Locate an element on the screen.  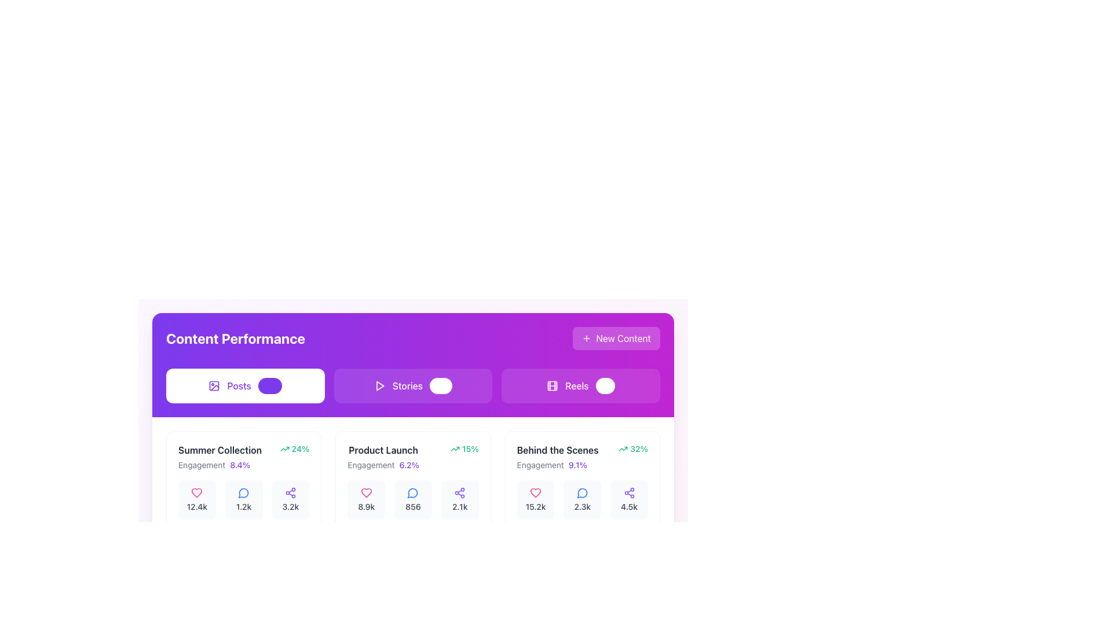
the static informative text displaying '24%' in green color, which indicates a percentage value and is located to the right of an upward trending arrow in the 'Summer Collection' section of the dashboard is located at coordinates (300, 448).